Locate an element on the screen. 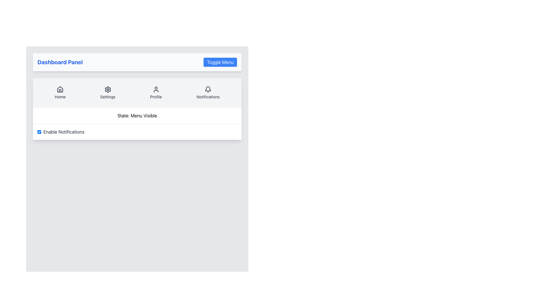 Image resolution: width=545 pixels, height=307 pixels. the 'Settings' icon located in the second position from the left in a horizontal row of four icons at the top of the main panel is located at coordinates (108, 90).